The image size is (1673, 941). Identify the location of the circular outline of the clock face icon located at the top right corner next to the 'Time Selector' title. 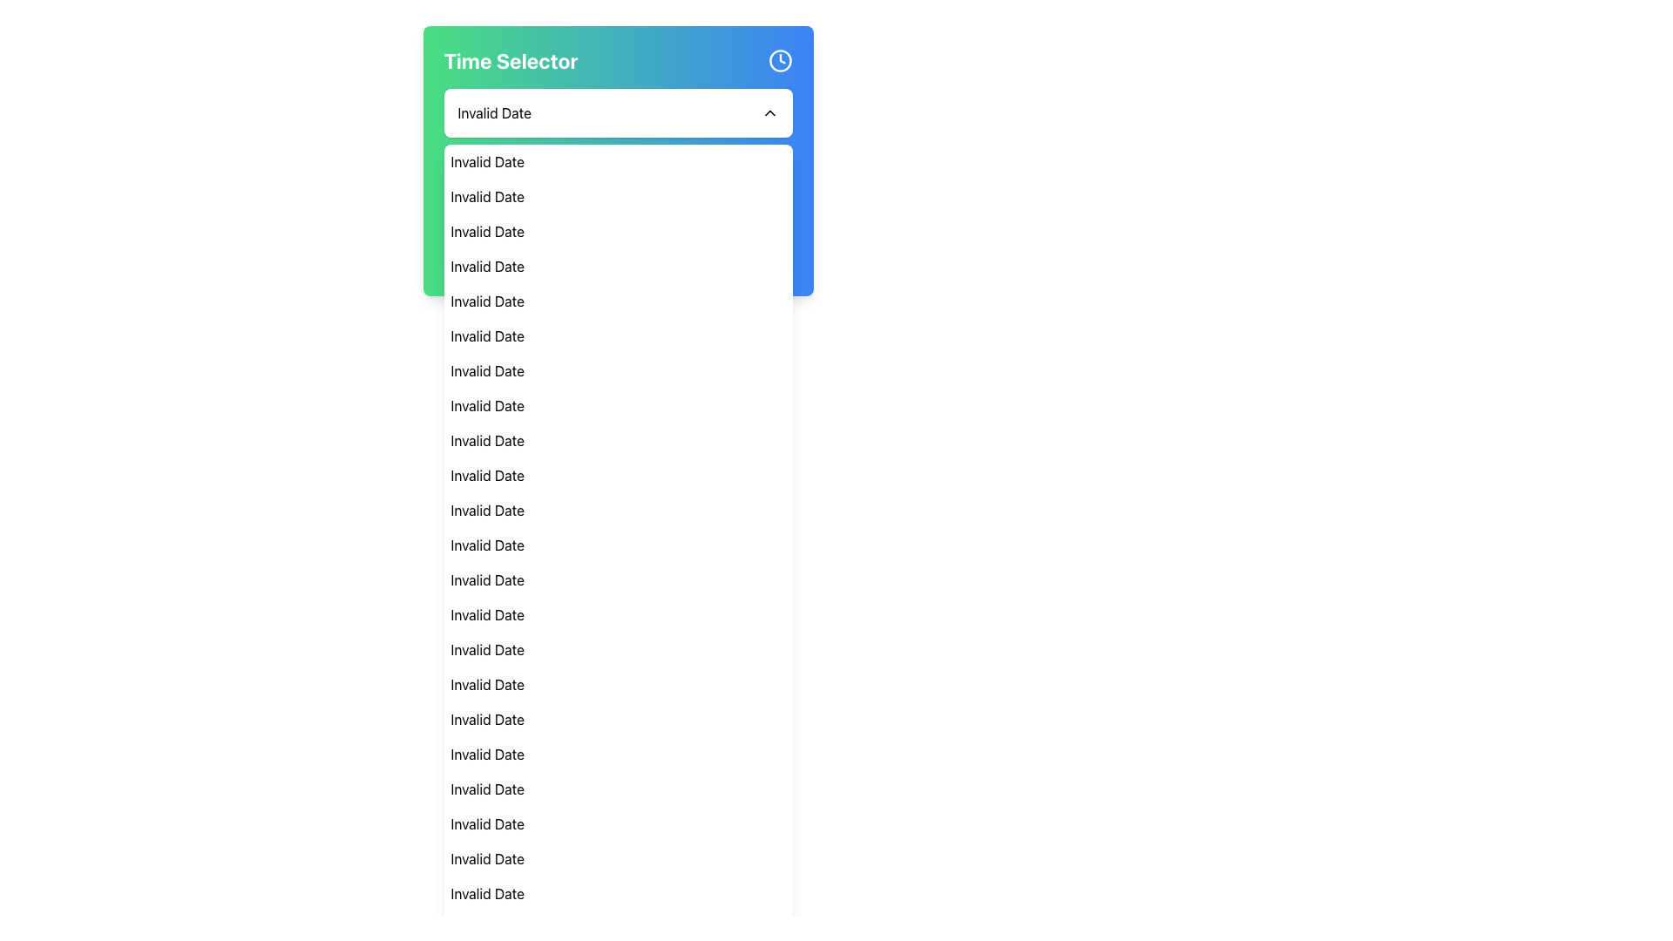
(779, 59).